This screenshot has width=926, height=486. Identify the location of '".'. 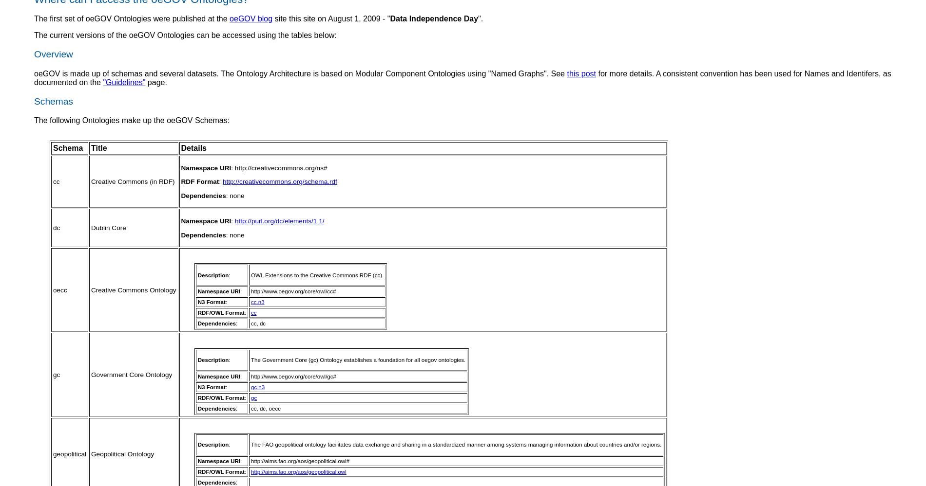
(480, 18).